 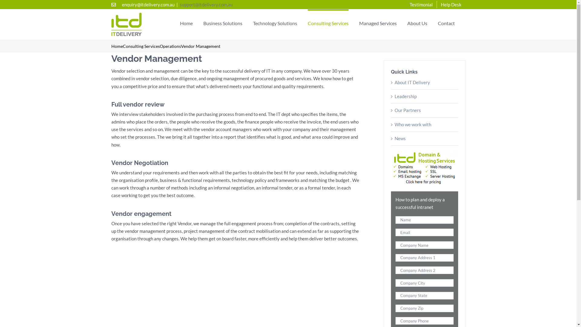 What do you see at coordinates (417, 22) in the screenshot?
I see `'About Us'` at bounding box center [417, 22].